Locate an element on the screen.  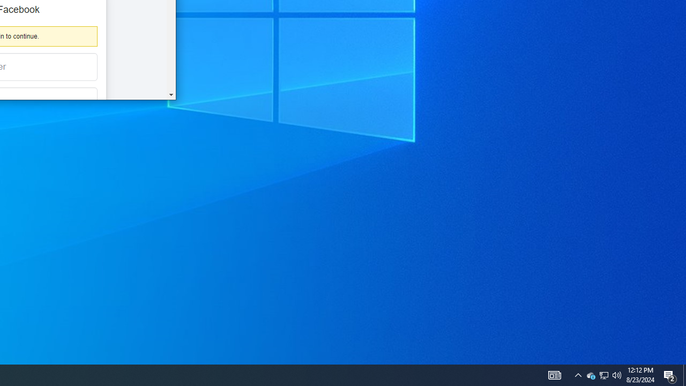
'User Promoted Notification Area' is located at coordinates (604, 374).